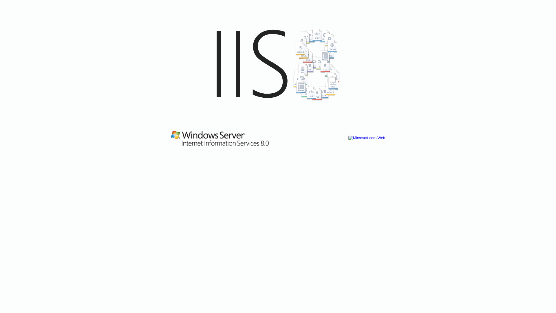  What do you see at coordinates (278, 80) in the screenshot?
I see `'microsoft.com/web'` at bounding box center [278, 80].